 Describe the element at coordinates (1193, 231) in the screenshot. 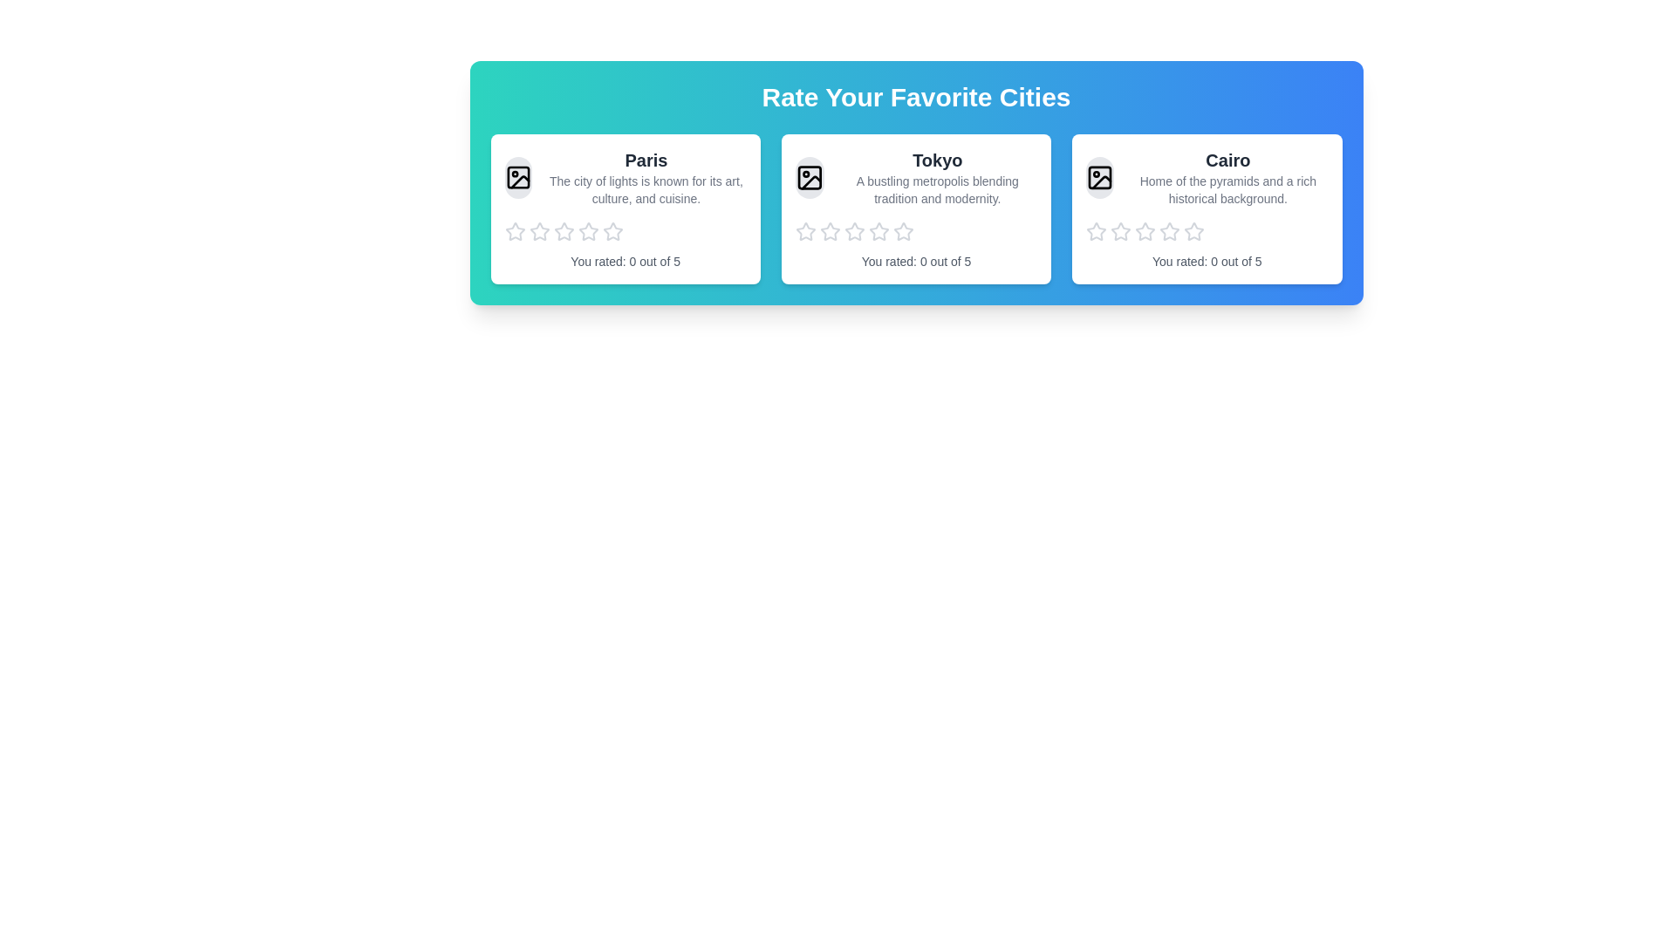

I see `the fifth star-shaped rating icon within the third card labeled 'Cairo' to rate it` at that location.